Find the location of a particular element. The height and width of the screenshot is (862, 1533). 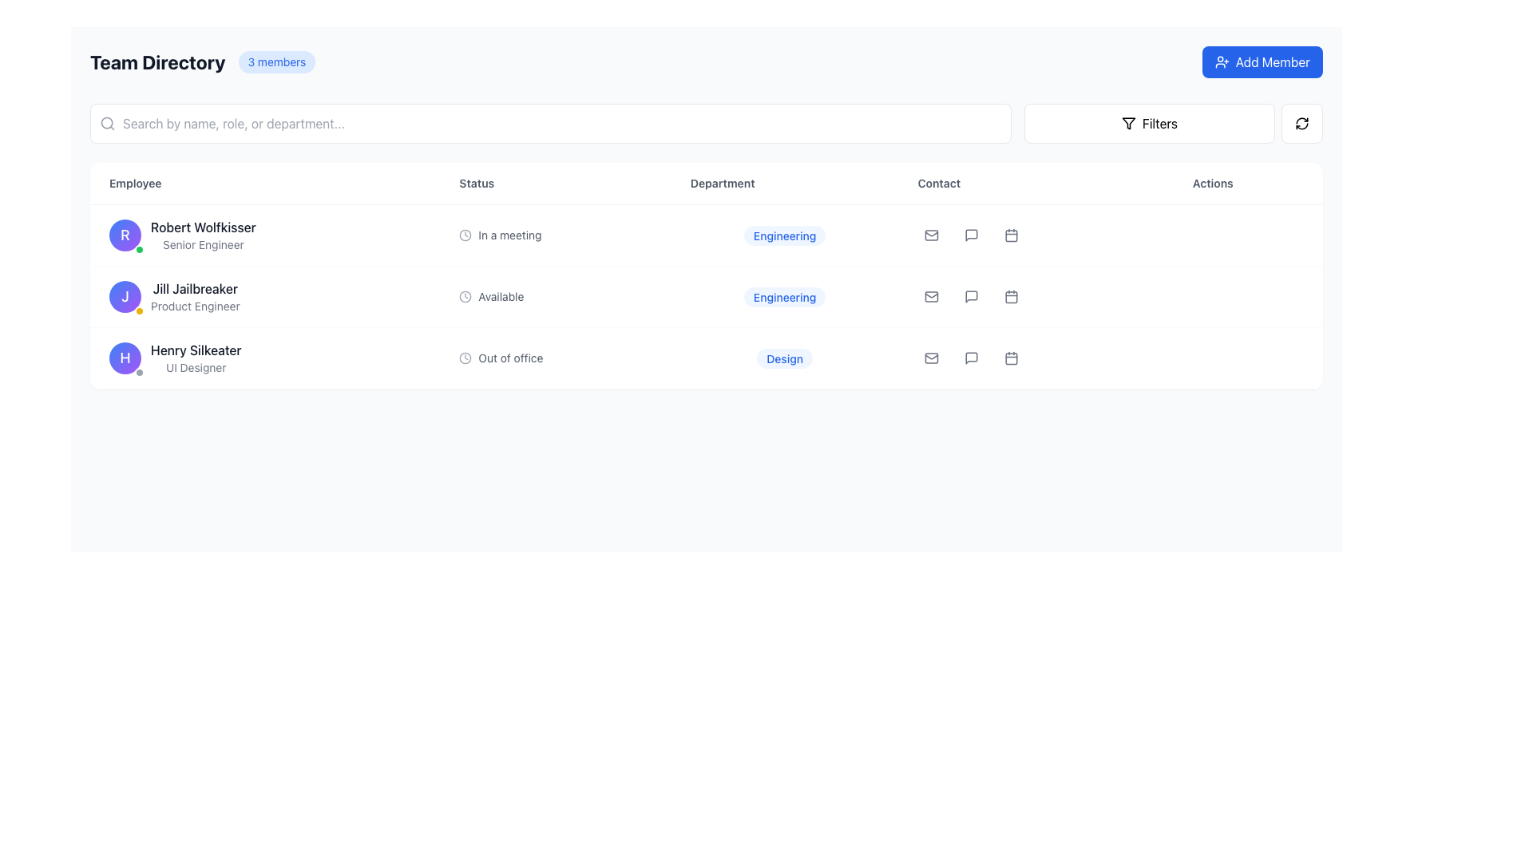

the small calendar icon in the actions section for 'Jill Jailbreaker' is located at coordinates (1010, 296).